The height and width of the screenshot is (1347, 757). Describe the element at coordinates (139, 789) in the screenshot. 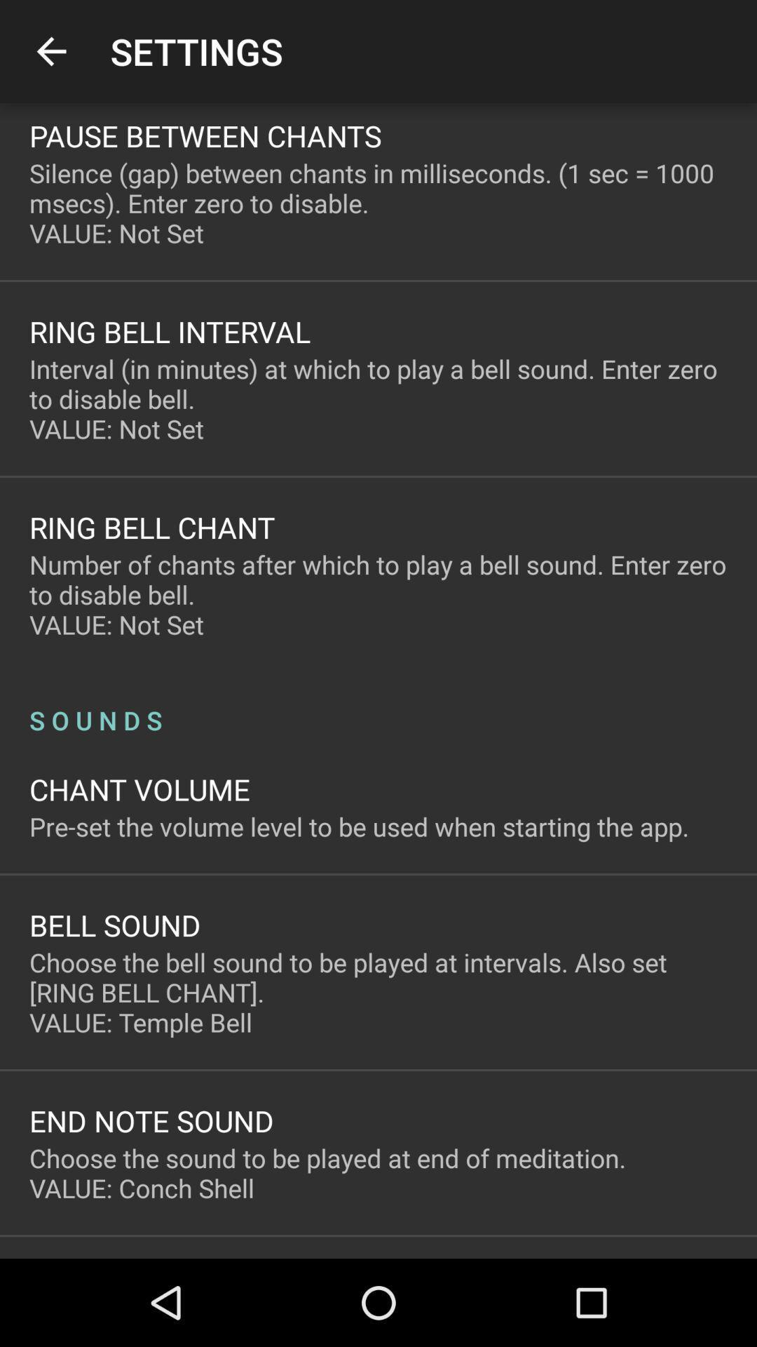

I see `item above the pre set the` at that location.